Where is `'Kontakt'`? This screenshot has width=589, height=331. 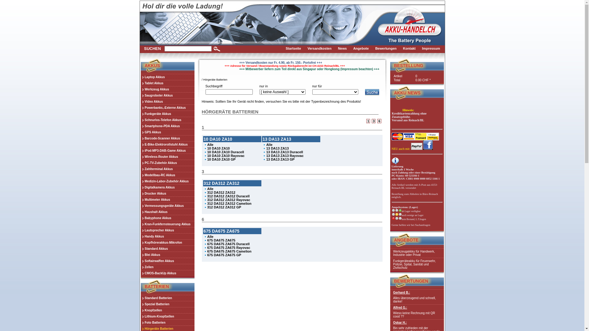
'Kontakt' is located at coordinates (411, 48).